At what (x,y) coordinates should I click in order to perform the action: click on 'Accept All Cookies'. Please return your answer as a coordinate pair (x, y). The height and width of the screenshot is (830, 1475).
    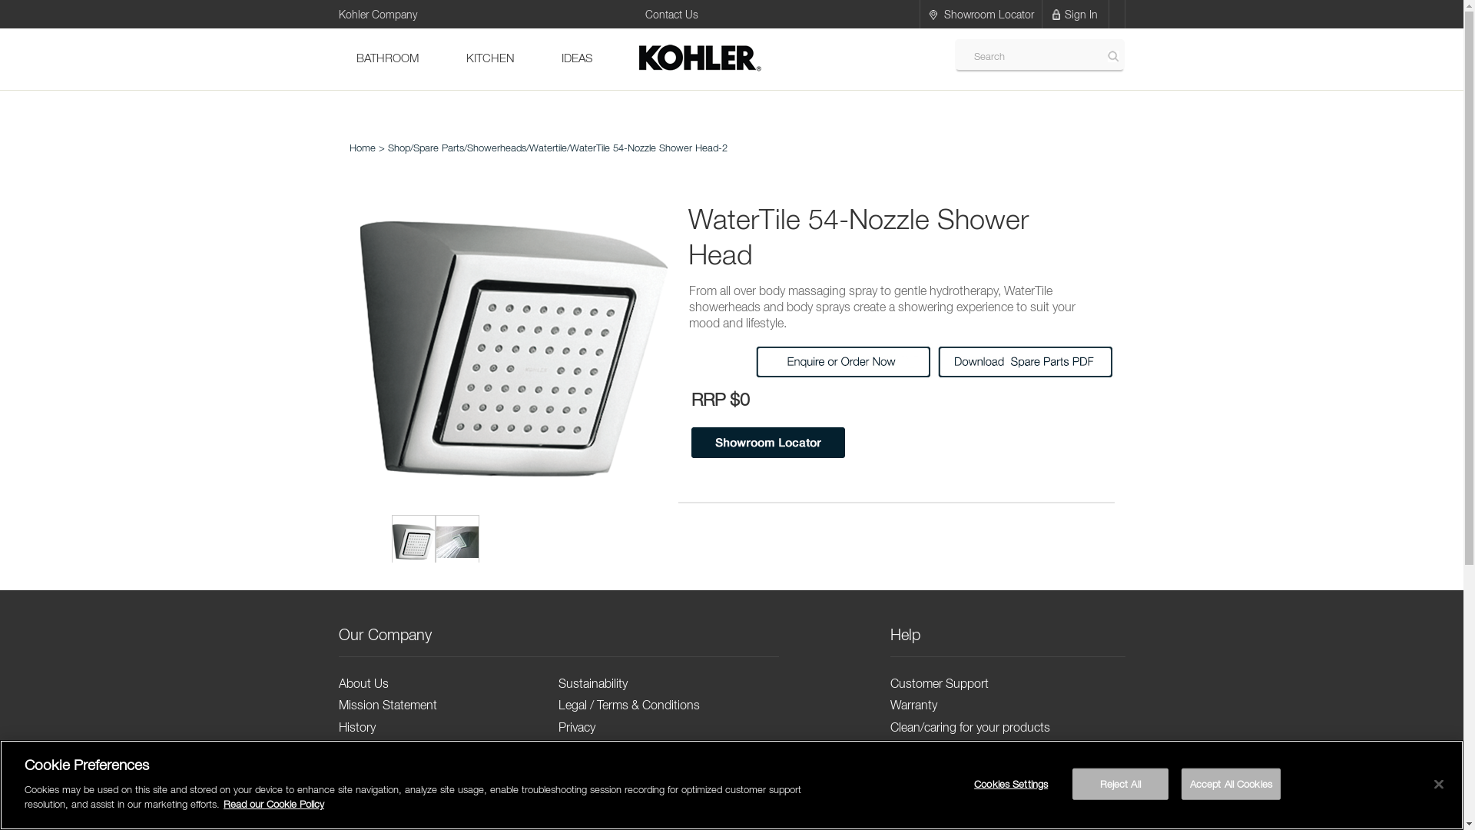
    Looking at the image, I should click on (1231, 783).